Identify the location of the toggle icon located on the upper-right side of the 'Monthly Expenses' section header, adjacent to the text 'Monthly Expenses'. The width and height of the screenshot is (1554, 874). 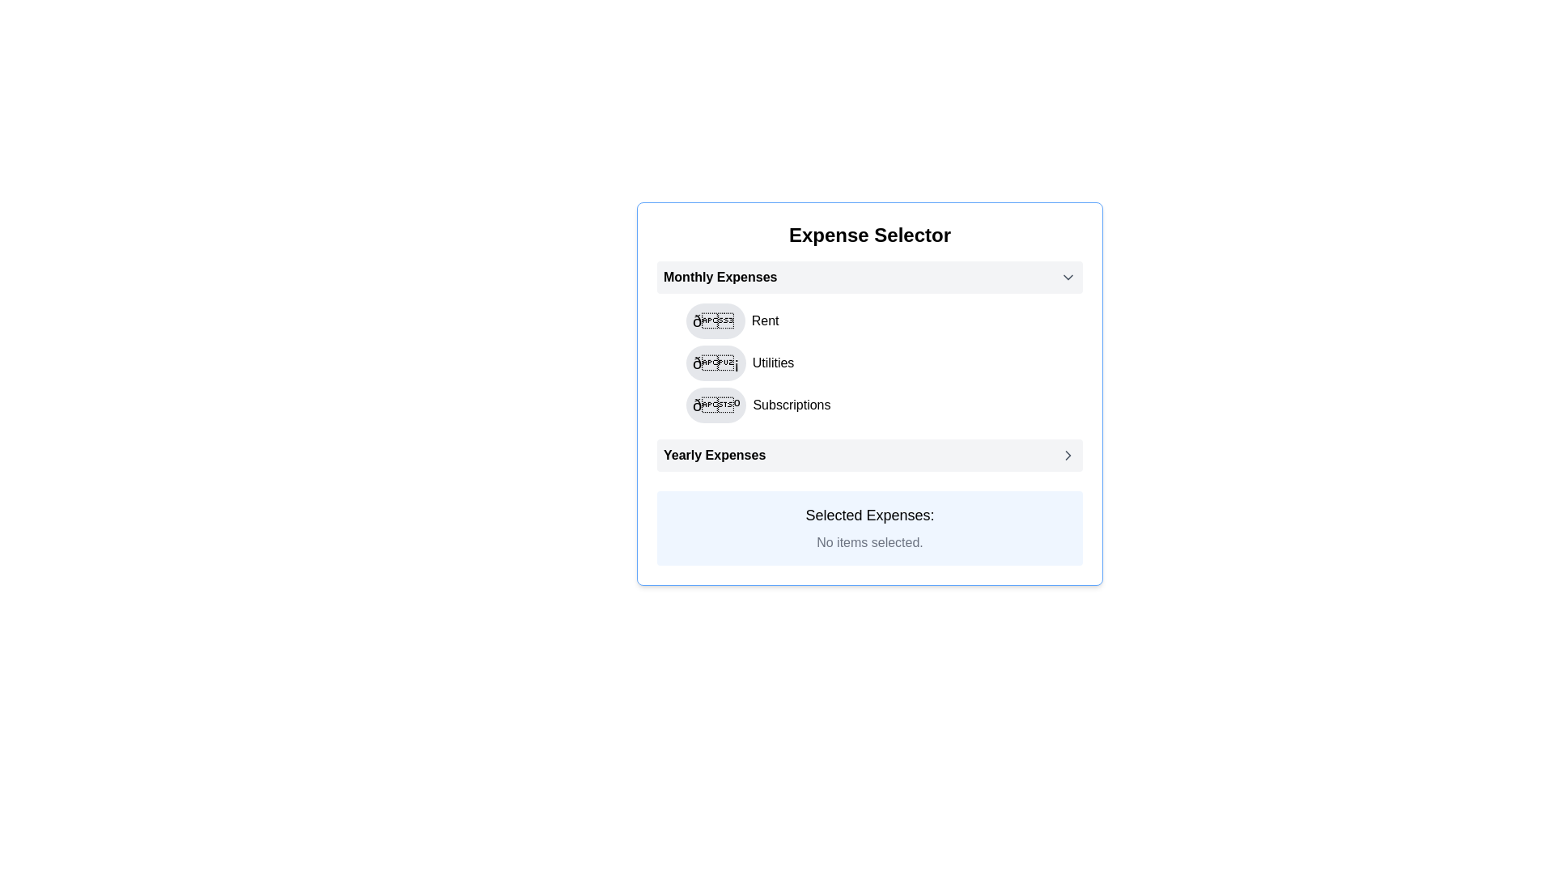
(1068, 277).